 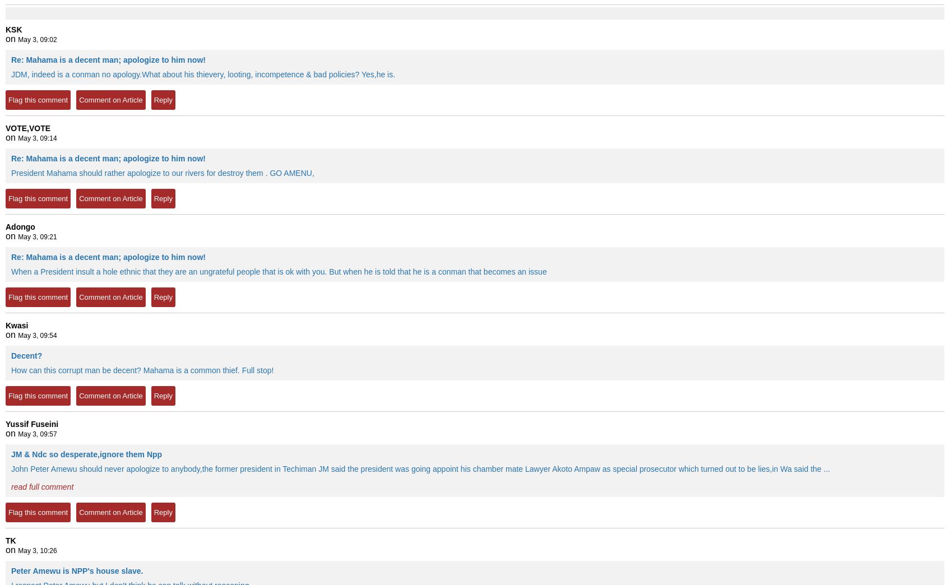 What do you see at coordinates (36, 336) in the screenshot?
I see `'May  3, 09:54'` at bounding box center [36, 336].